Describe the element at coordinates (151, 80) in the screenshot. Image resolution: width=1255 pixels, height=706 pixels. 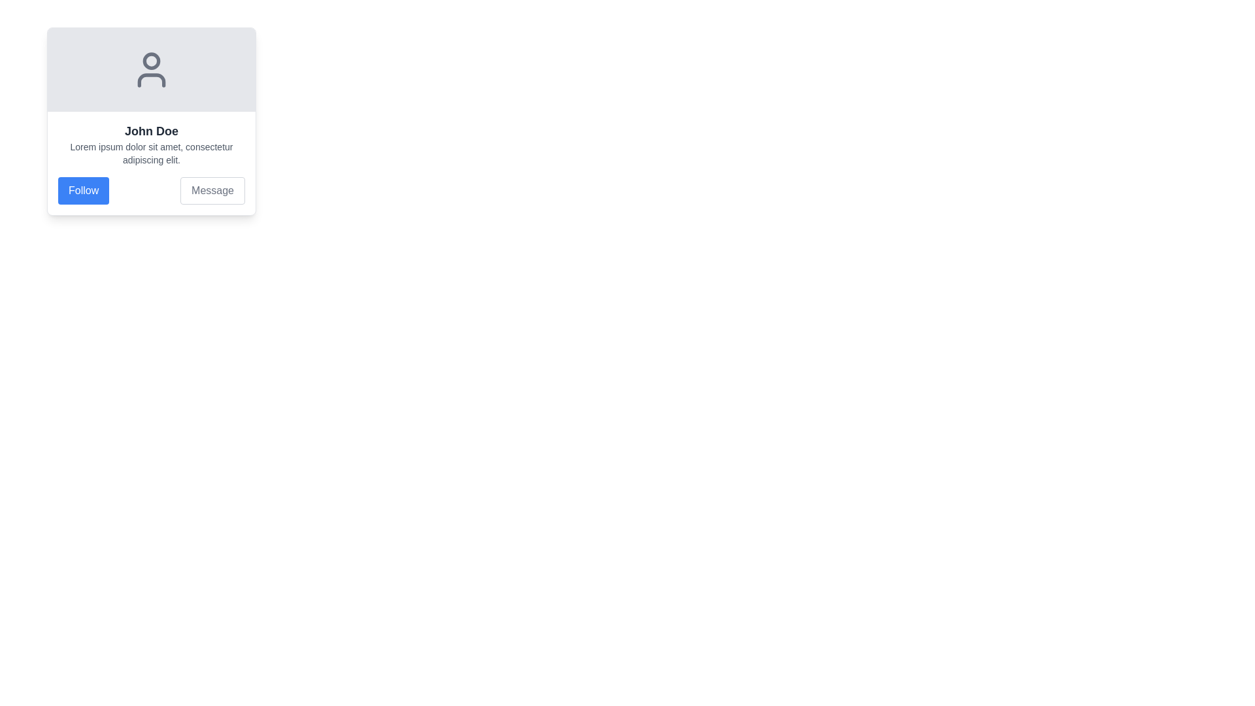
I see `the decorative bottom part of the user icon located at the top of the card component` at that location.